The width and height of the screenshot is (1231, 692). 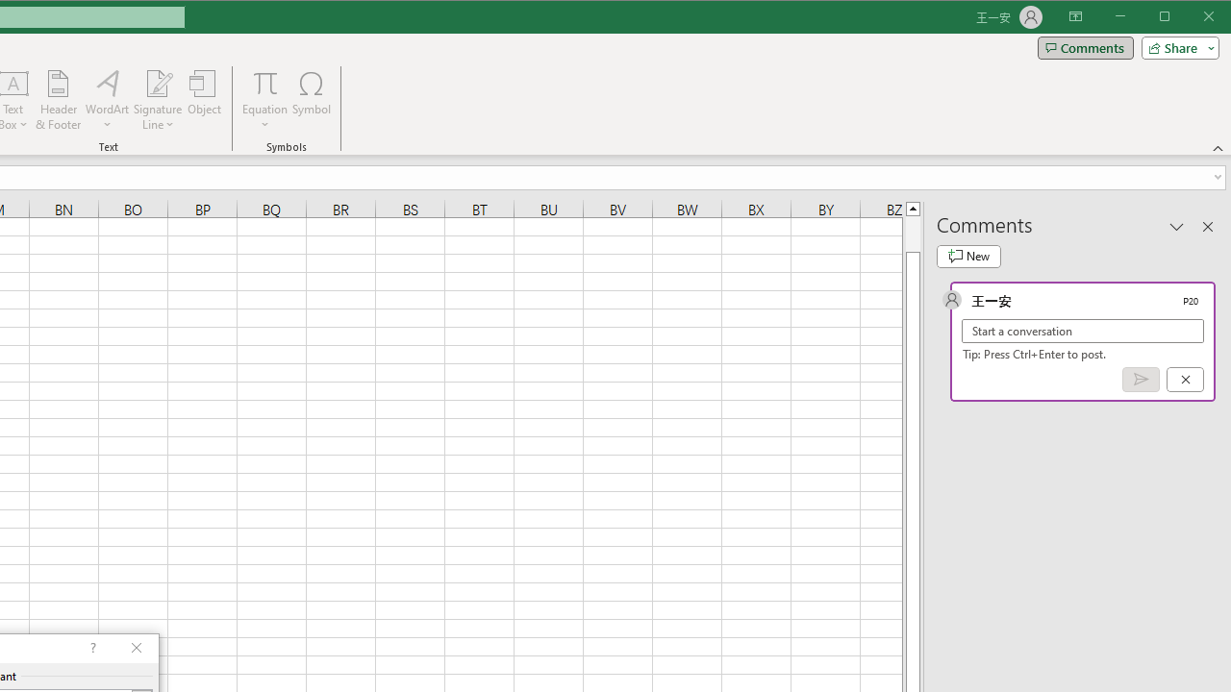 What do you see at coordinates (1191, 18) in the screenshot?
I see `'Maximize'` at bounding box center [1191, 18].